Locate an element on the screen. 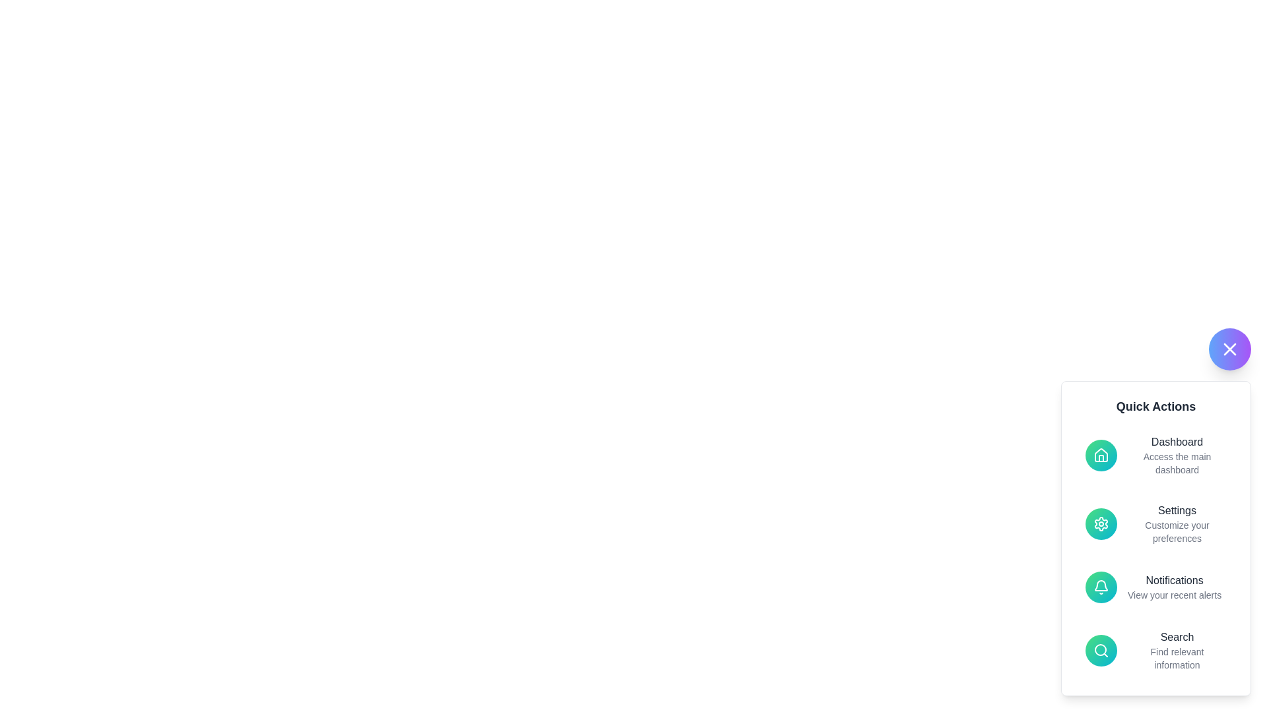 This screenshot has width=1267, height=712. the menu item labeled 'Notifications' to highlight it is located at coordinates (1155, 587).